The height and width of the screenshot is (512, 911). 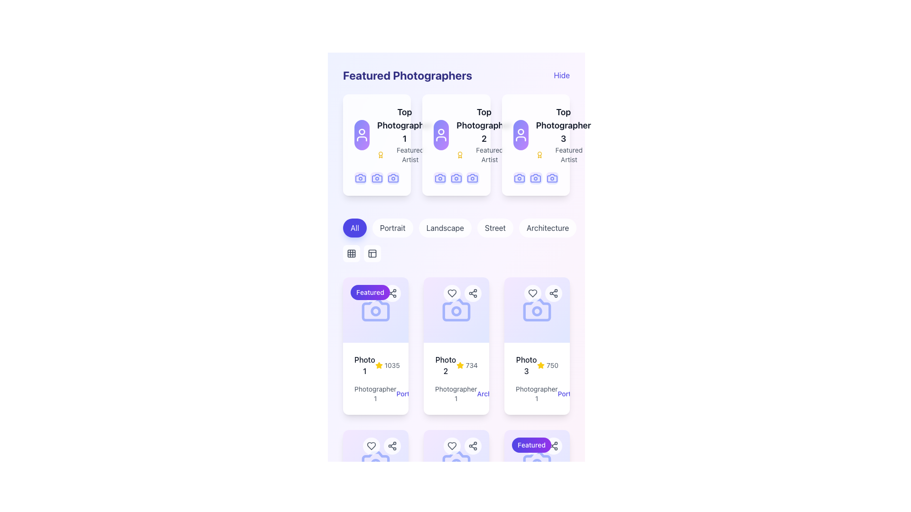 I want to click on the text label 'Portrait', which is styled in indigo color and medium font weight, located next to 'Photographer 1' on the first card in the second row of the grid layout, so click(x=408, y=394).